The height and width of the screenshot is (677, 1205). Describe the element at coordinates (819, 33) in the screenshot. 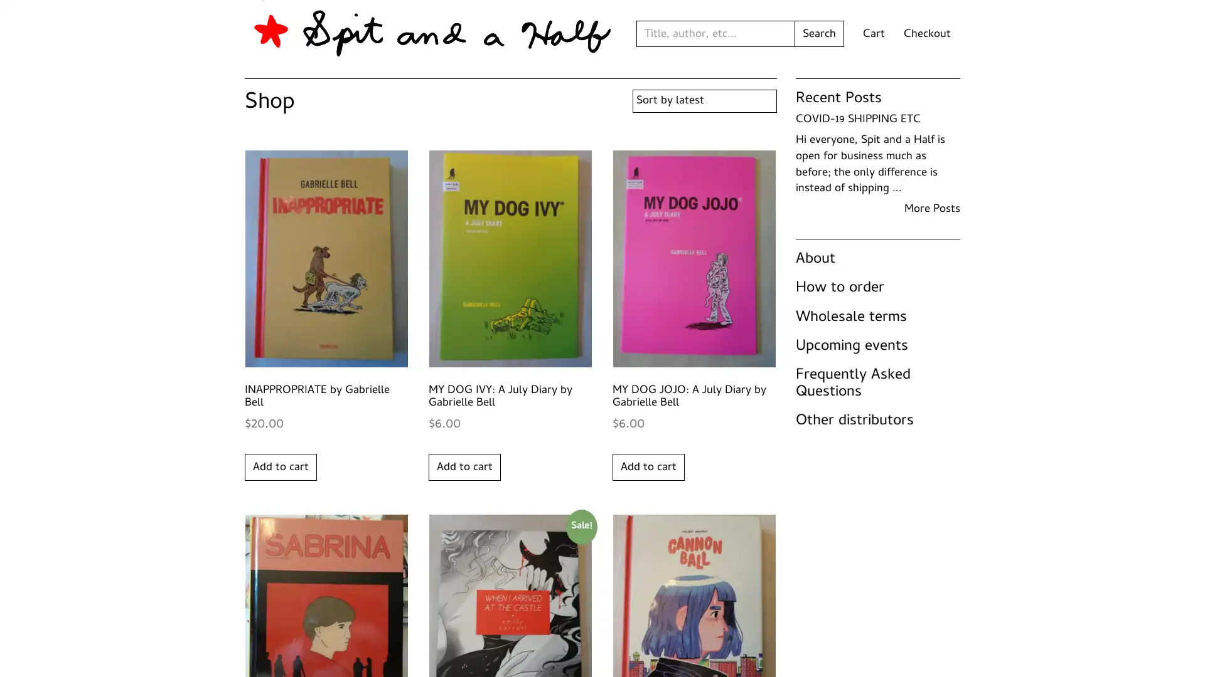

I see `Search` at that location.